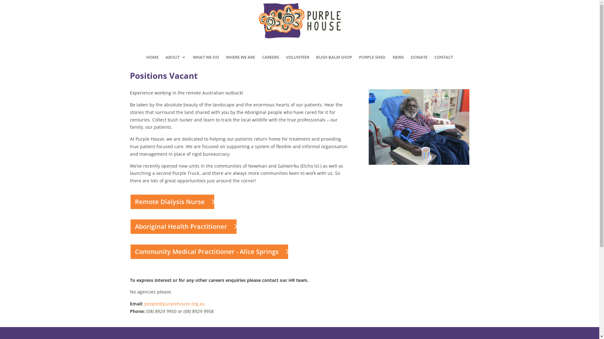 The width and height of the screenshot is (604, 339). What do you see at coordinates (240, 62) in the screenshot?
I see `'WHERE WE ARE'` at bounding box center [240, 62].